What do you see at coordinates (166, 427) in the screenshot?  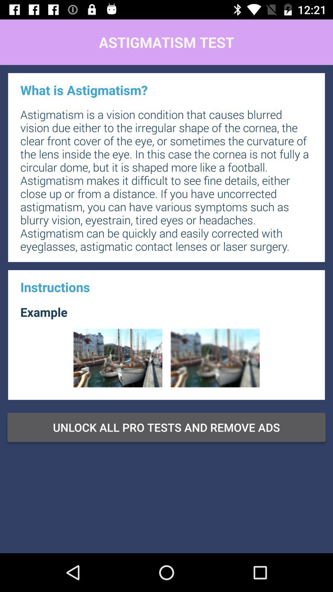 I see `the unlock all pro icon` at bounding box center [166, 427].